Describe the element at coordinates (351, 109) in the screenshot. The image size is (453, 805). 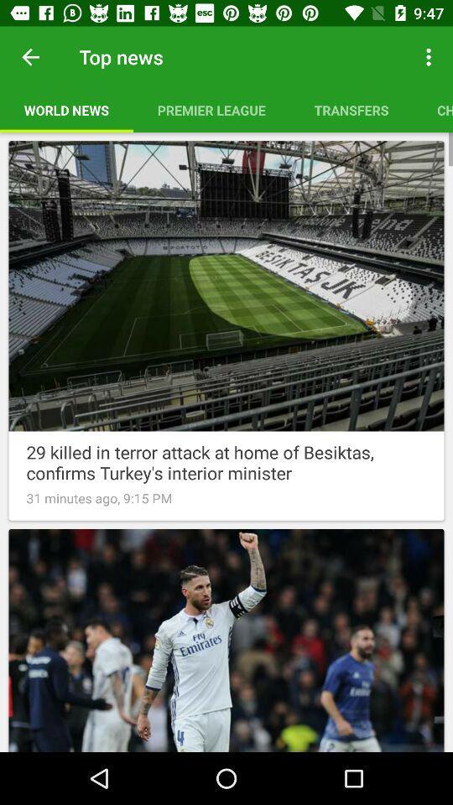
I see `the icon next to champions league item` at that location.